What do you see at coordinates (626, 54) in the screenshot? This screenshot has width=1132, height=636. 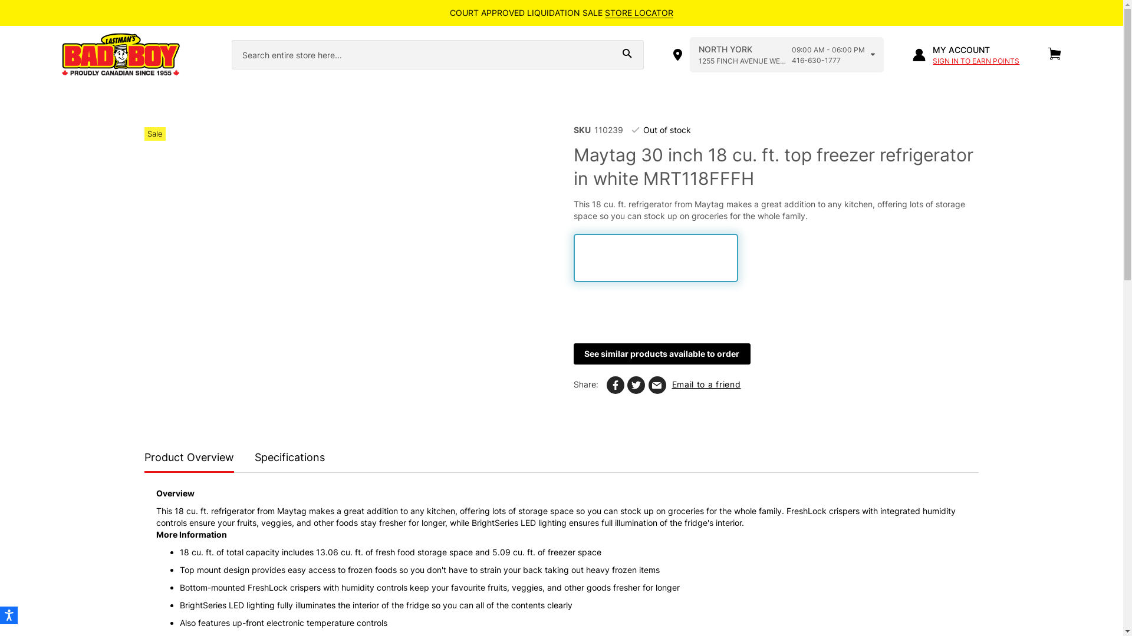 I see `'Search'` at bounding box center [626, 54].